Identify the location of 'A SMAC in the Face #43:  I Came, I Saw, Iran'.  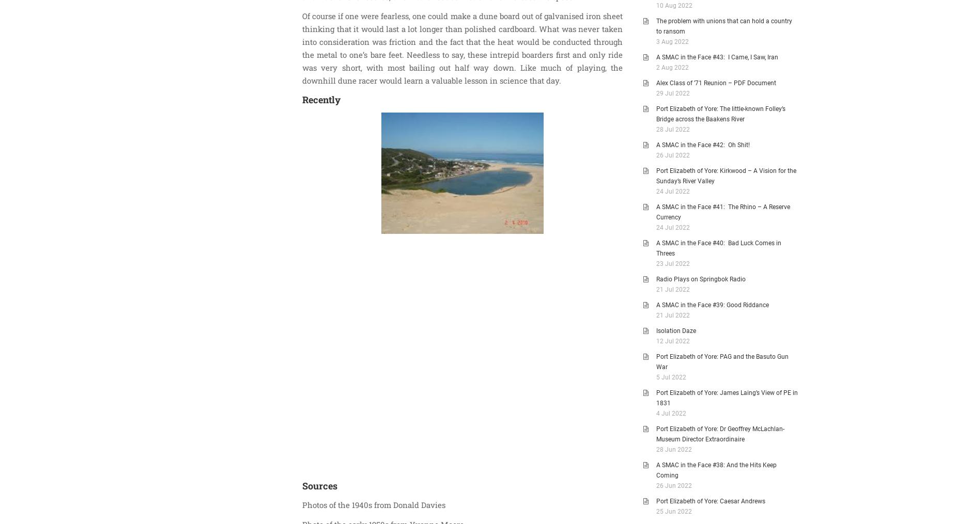
(656, 57).